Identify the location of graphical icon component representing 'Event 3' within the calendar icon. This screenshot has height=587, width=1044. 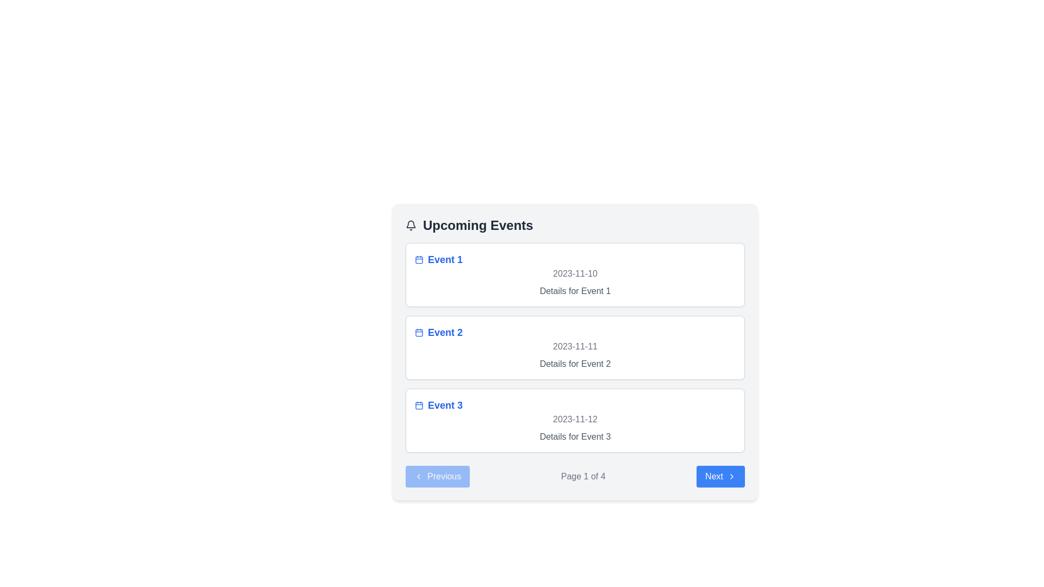
(419, 405).